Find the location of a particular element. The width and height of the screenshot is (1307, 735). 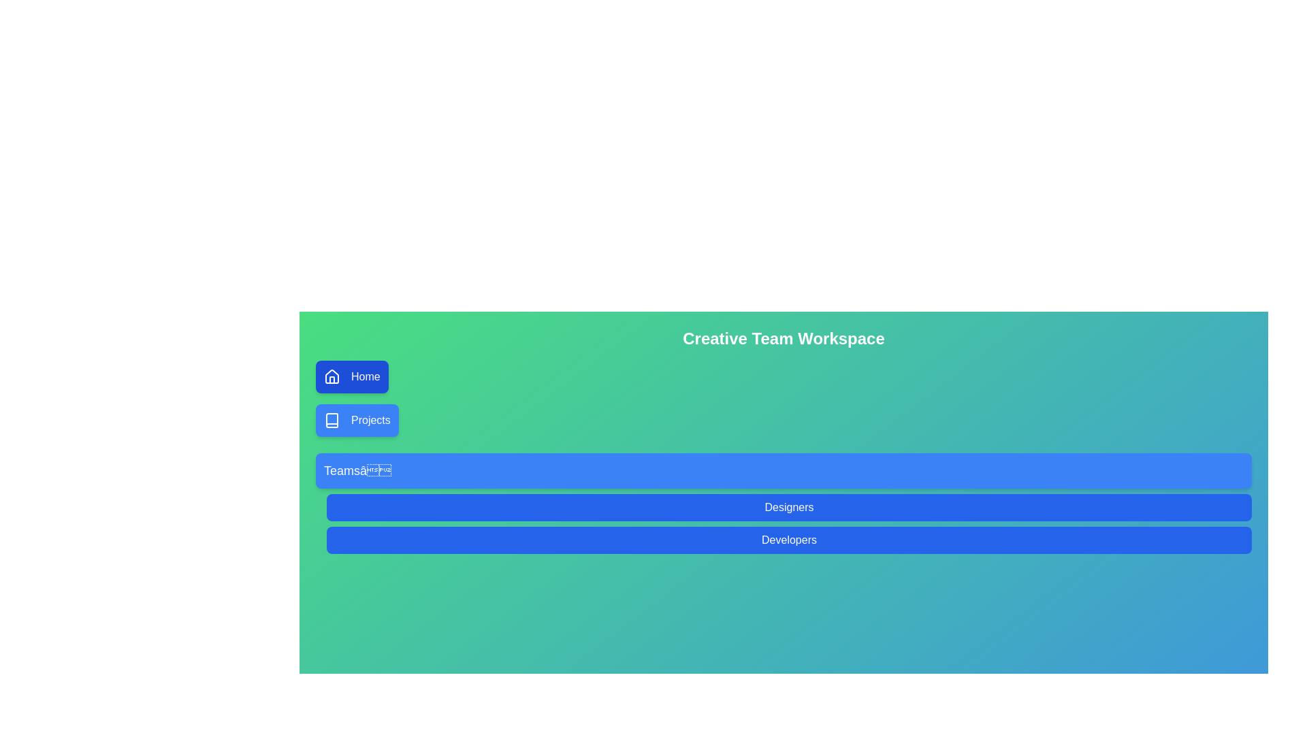

the book-shaped SVG icon located inside the blue 'Projects' button, which is the second button in the vertical navigation list is located at coordinates (332, 419).